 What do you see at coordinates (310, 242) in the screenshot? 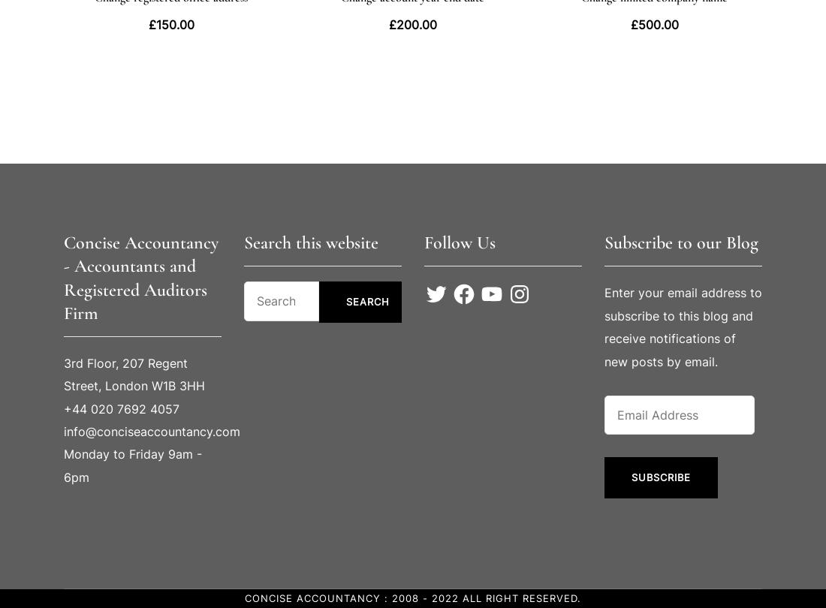
I see `'Search this website'` at bounding box center [310, 242].